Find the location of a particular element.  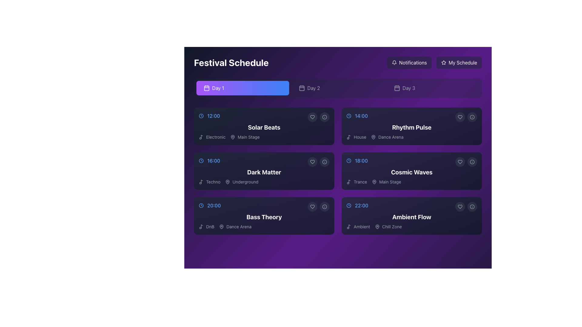

the circular icon with an inner information symbol, located in the bottom-left event card in the grid layout is located at coordinates (324, 206).